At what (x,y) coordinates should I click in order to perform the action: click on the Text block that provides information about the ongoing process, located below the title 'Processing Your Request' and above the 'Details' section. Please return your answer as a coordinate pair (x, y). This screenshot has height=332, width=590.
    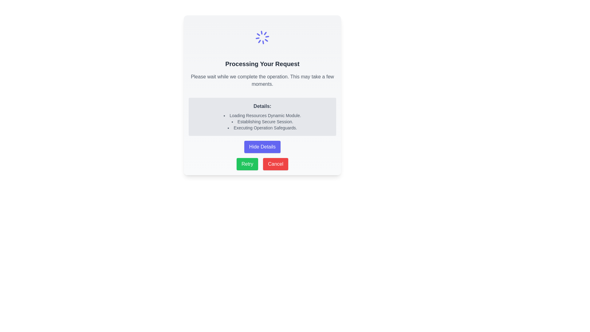
    Looking at the image, I should click on (262, 80).